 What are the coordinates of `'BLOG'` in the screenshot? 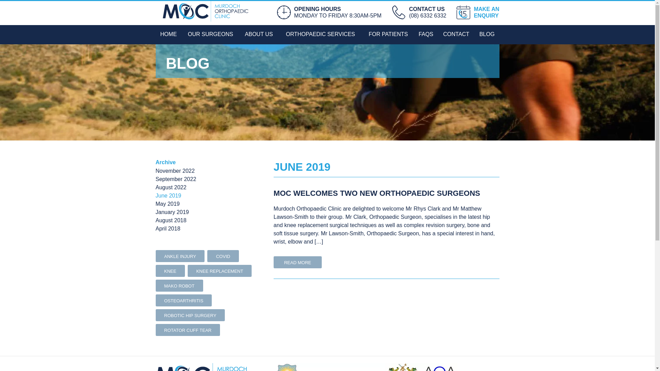 It's located at (486, 34).